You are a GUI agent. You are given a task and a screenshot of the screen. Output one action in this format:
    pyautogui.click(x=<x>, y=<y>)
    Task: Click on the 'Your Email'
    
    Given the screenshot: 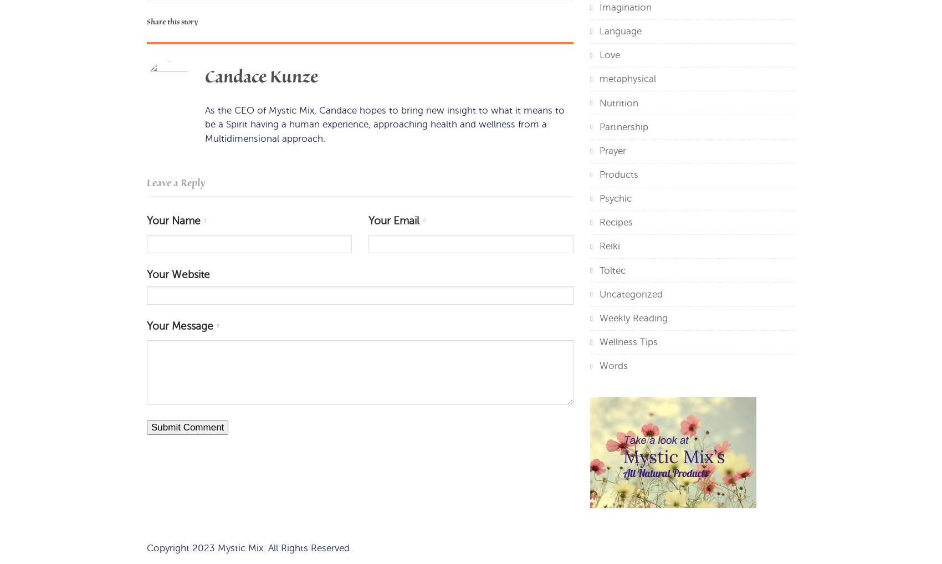 What is the action you would take?
    pyautogui.click(x=393, y=221)
    